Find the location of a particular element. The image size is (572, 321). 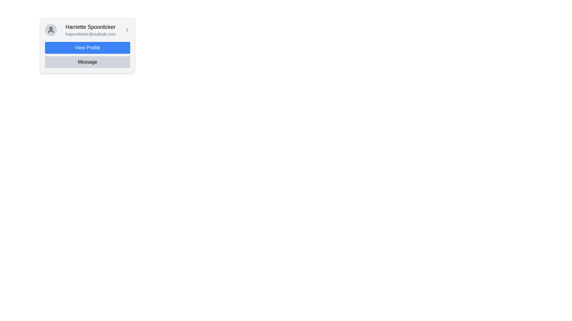

the user profile icon, which is a circular head with a torso outline in a gray color scheme, located on the top-left of the card layout next to the name 'Harriette Spoonlicker' is located at coordinates (51, 30).